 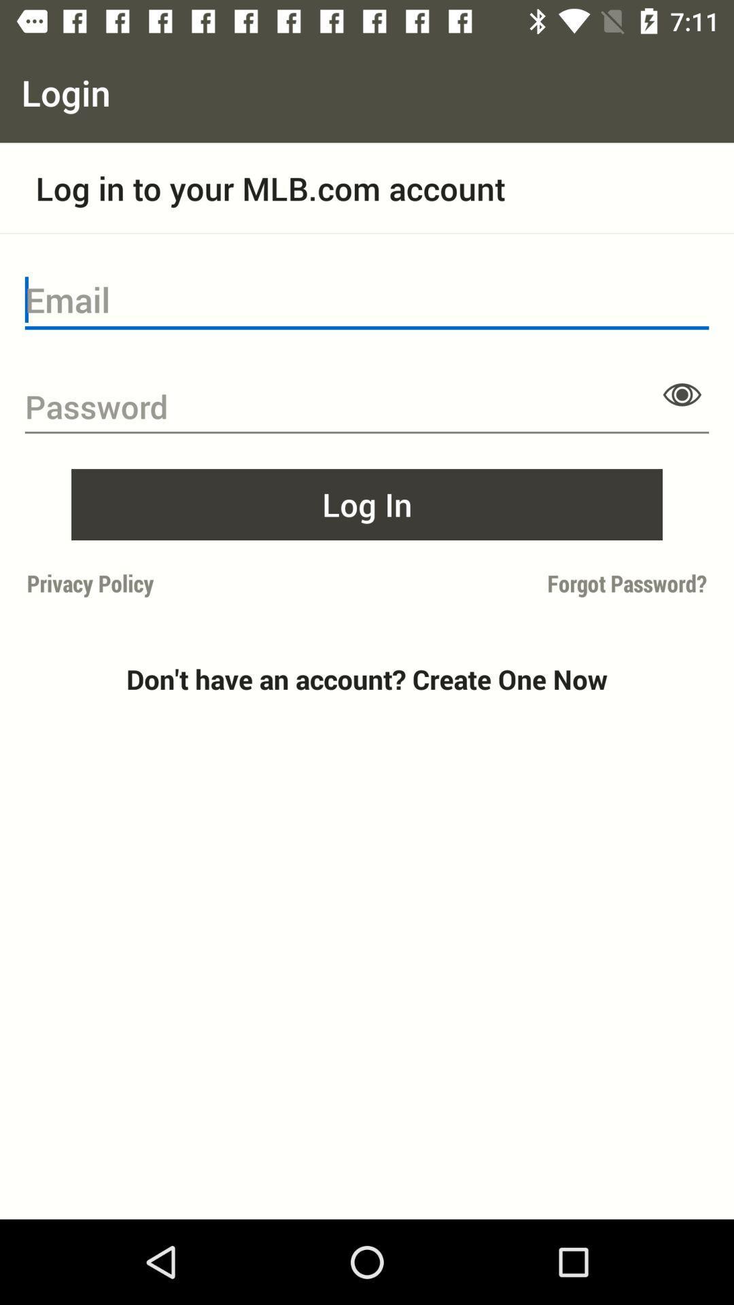 What do you see at coordinates (367, 679) in the screenshot?
I see `the icon below the privacy policy item` at bounding box center [367, 679].